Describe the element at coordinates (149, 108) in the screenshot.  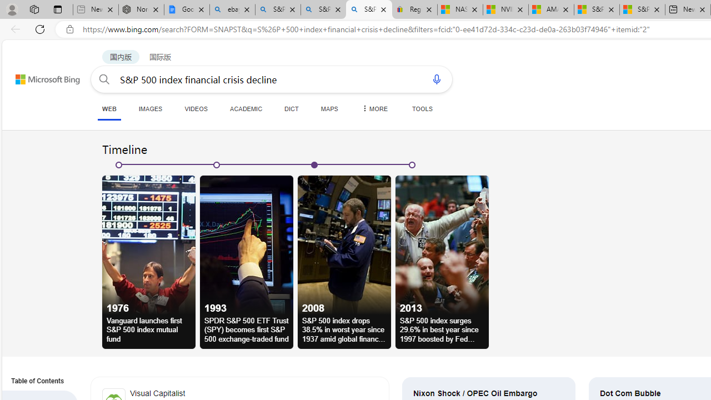
I see `'IMAGES'` at that location.